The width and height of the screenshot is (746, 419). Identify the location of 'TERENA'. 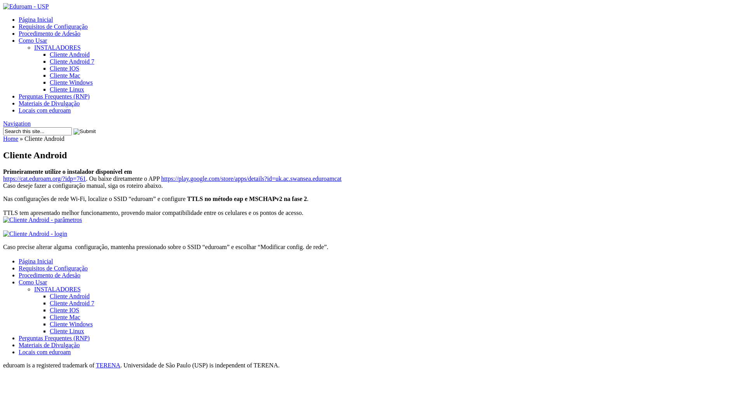
(108, 365).